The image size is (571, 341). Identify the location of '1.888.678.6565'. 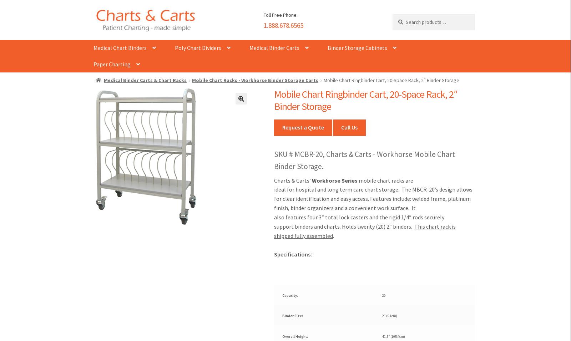
(283, 24).